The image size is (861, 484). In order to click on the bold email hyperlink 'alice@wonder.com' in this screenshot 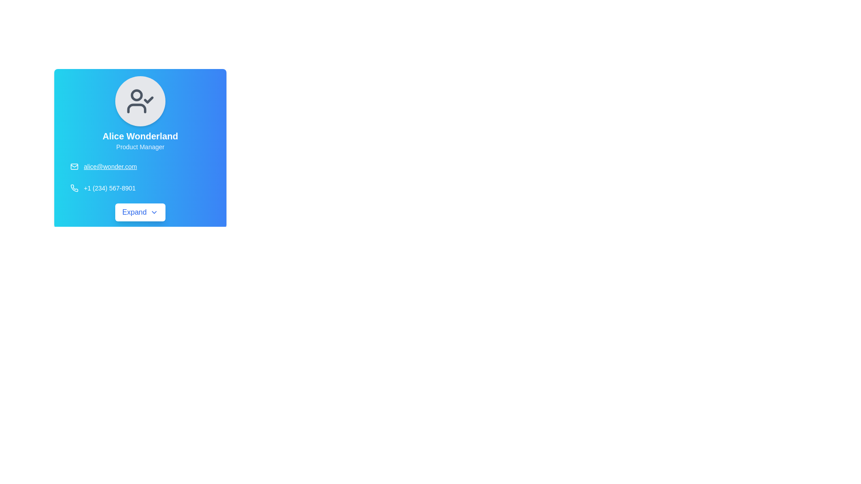, I will do `click(110, 166)`.